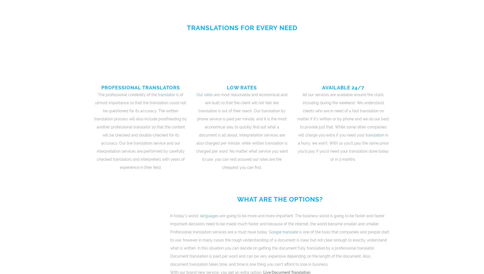 This screenshot has width=484, height=274. I want to click on 'is one of the tools that companies and people start to use; however in many cases the rough understanding of a document is clear but not clear enough to exactly understand what is written. In this situation you can decide on getting the document fully translated by a professional translator. Document translation is paid per word and can be very expensive depending on the length of the document. Also, document translation takes time, and time is one thing you can’t afford to lose in business.', so click(170, 248).